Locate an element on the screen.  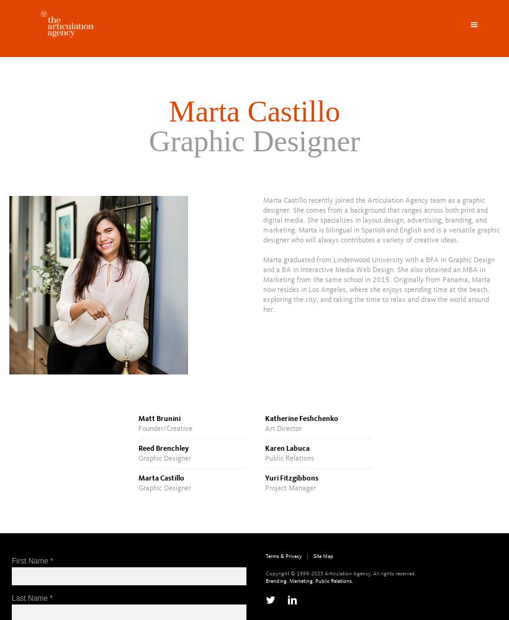
'Terms & Privacy' is located at coordinates (282, 556).